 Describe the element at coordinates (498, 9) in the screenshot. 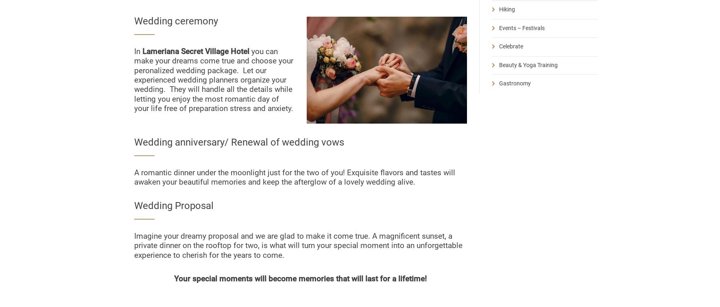

I see `'Hiking'` at that location.